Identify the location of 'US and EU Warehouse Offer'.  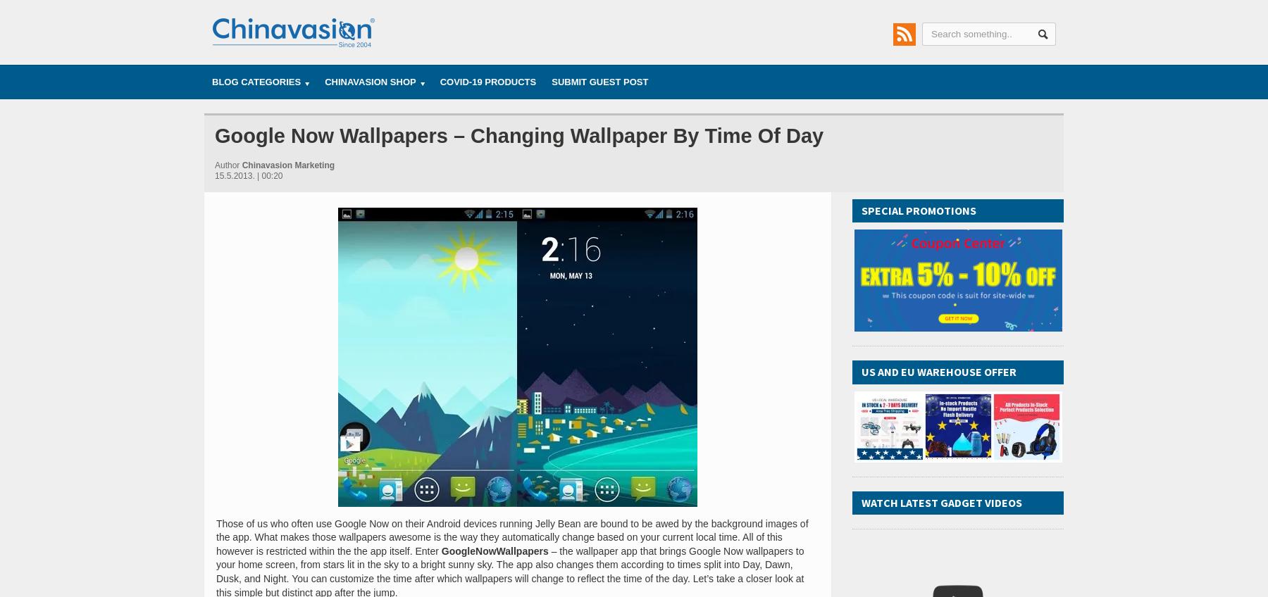
(939, 371).